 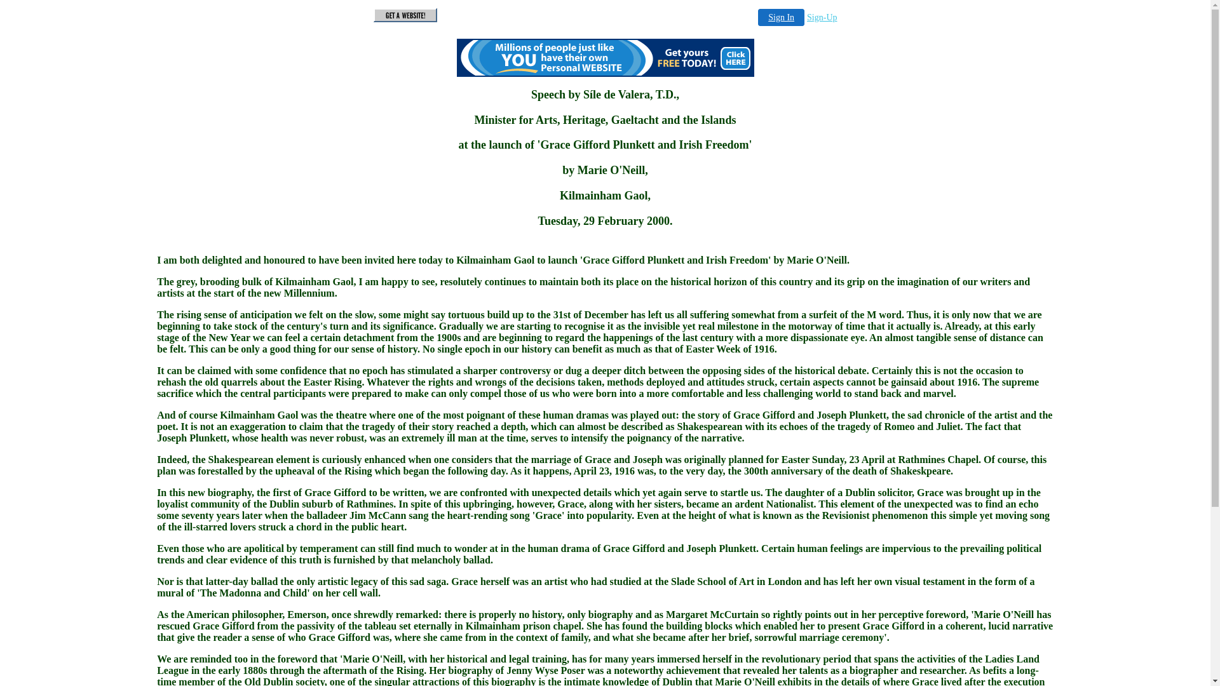 What do you see at coordinates (758, 17) in the screenshot?
I see `'Sign In'` at bounding box center [758, 17].